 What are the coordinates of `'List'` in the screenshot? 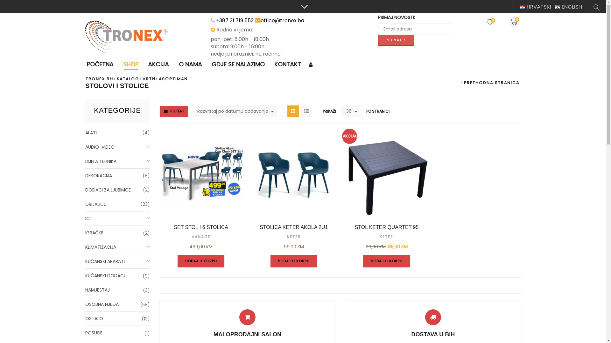 It's located at (306, 111).